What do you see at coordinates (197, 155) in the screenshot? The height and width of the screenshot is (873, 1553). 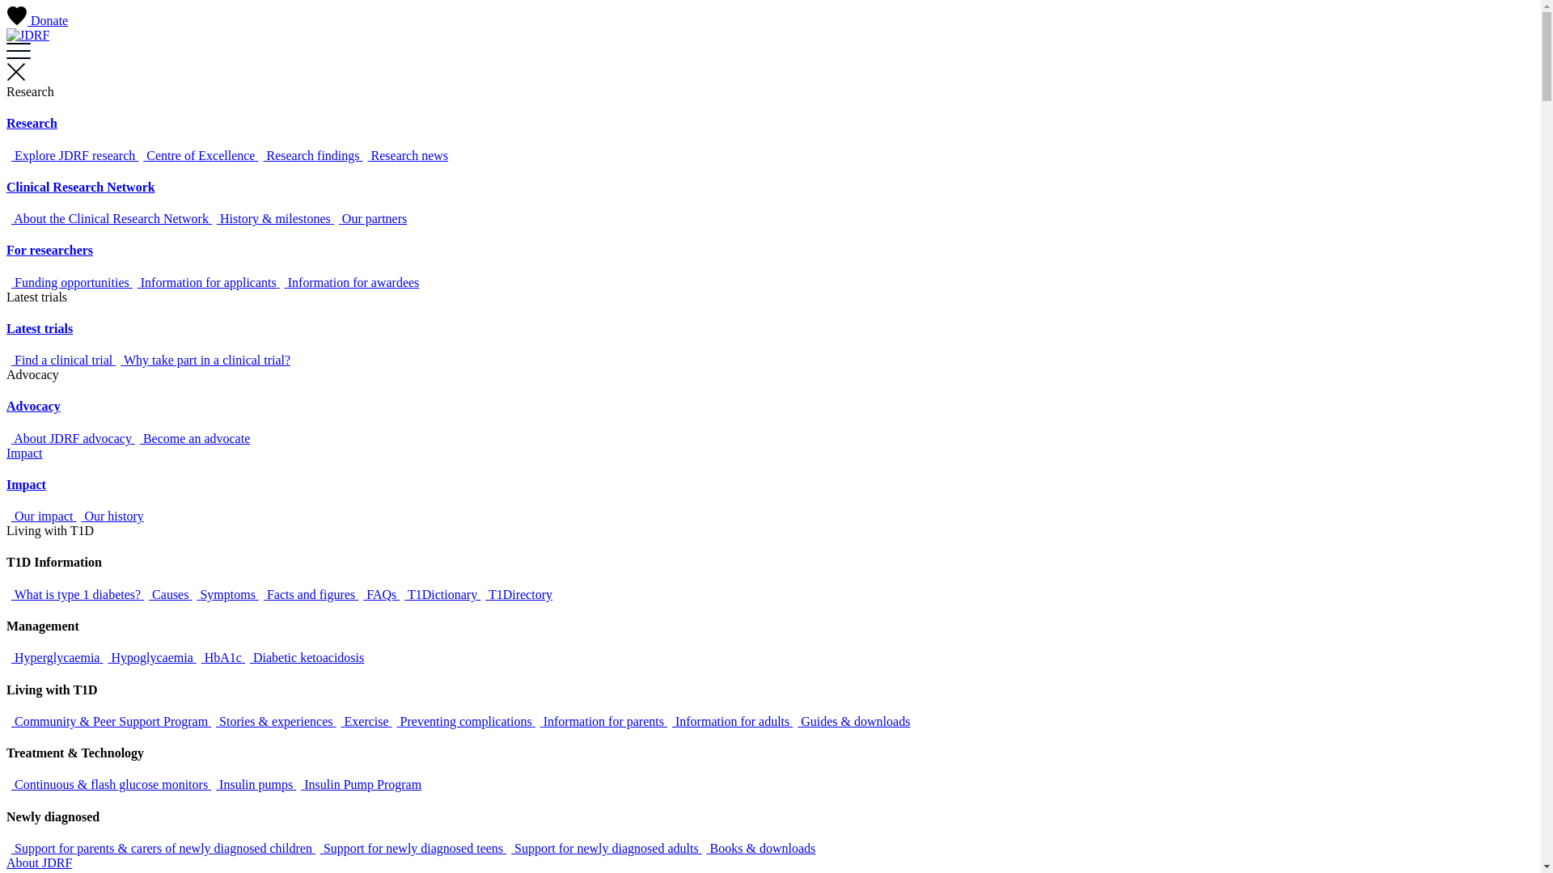 I see `'Centre of Excellence'` at bounding box center [197, 155].